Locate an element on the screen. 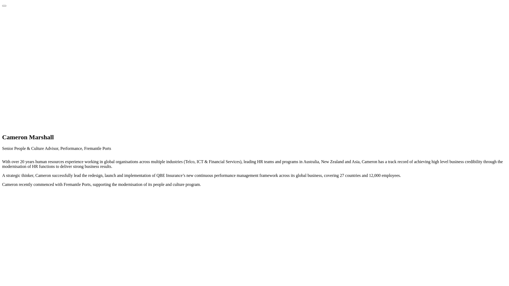 Image resolution: width=509 pixels, height=286 pixels. 'Close (Esc)' is located at coordinates (4, 6).